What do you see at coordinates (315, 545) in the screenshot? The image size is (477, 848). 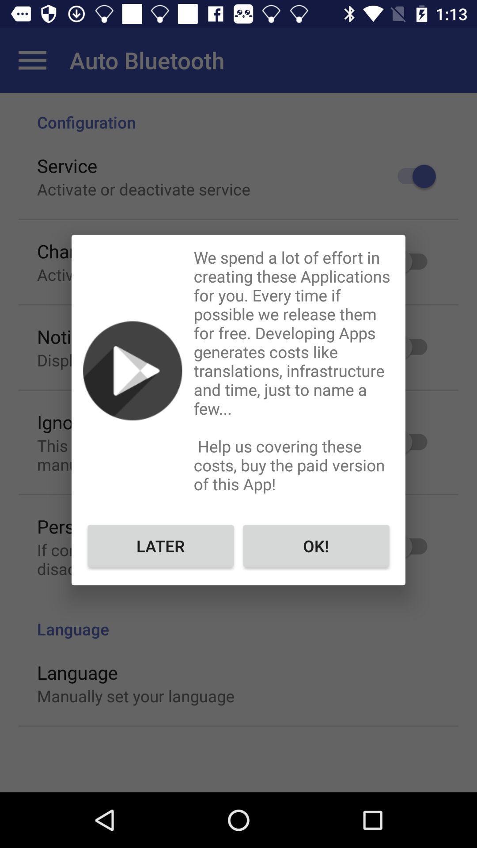 I see `the ok! item` at bounding box center [315, 545].